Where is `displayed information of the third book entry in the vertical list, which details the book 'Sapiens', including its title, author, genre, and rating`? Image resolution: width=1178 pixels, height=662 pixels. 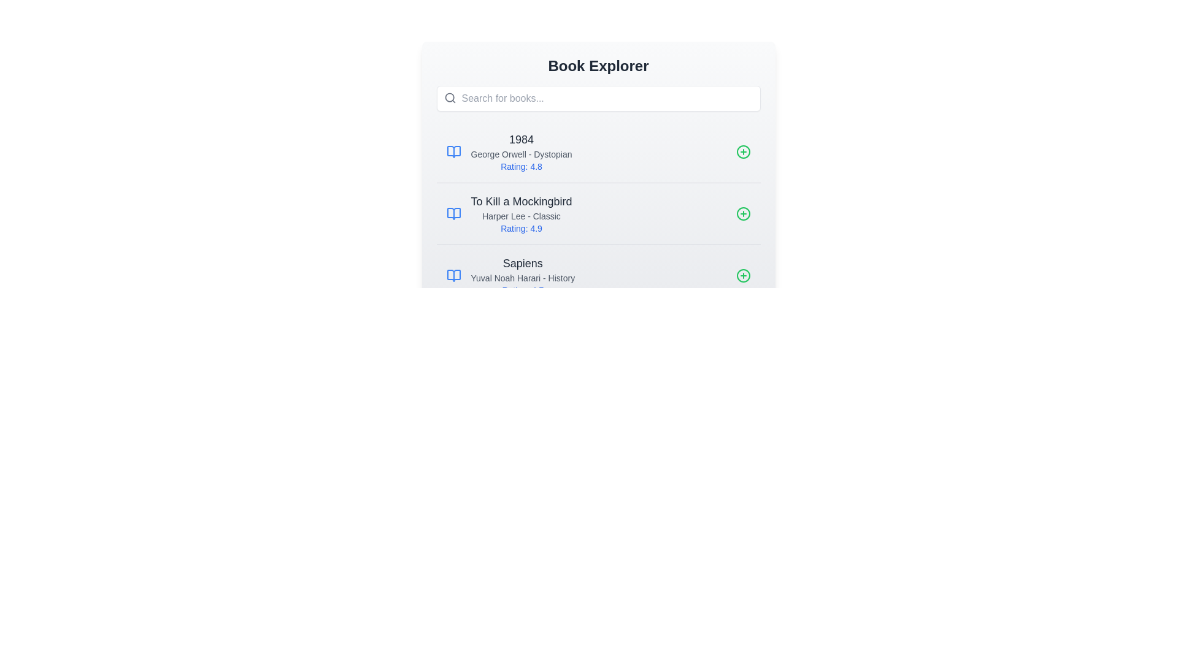
displayed information of the third book entry in the vertical list, which details the book 'Sapiens', including its title, author, genre, and rating is located at coordinates (523, 276).